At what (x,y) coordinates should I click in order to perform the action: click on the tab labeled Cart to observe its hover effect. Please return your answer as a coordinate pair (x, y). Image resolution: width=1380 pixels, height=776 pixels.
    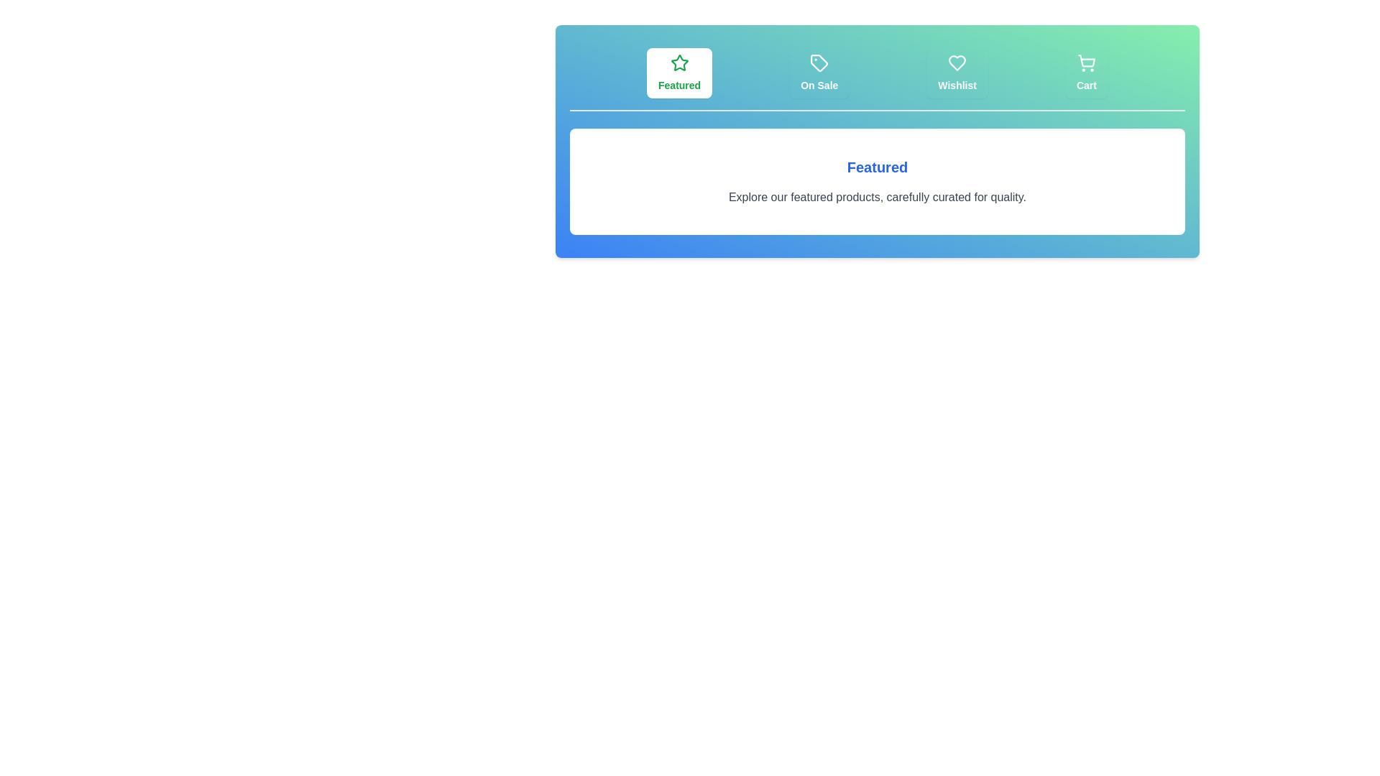
    Looking at the image, I should click on (1087, 73).